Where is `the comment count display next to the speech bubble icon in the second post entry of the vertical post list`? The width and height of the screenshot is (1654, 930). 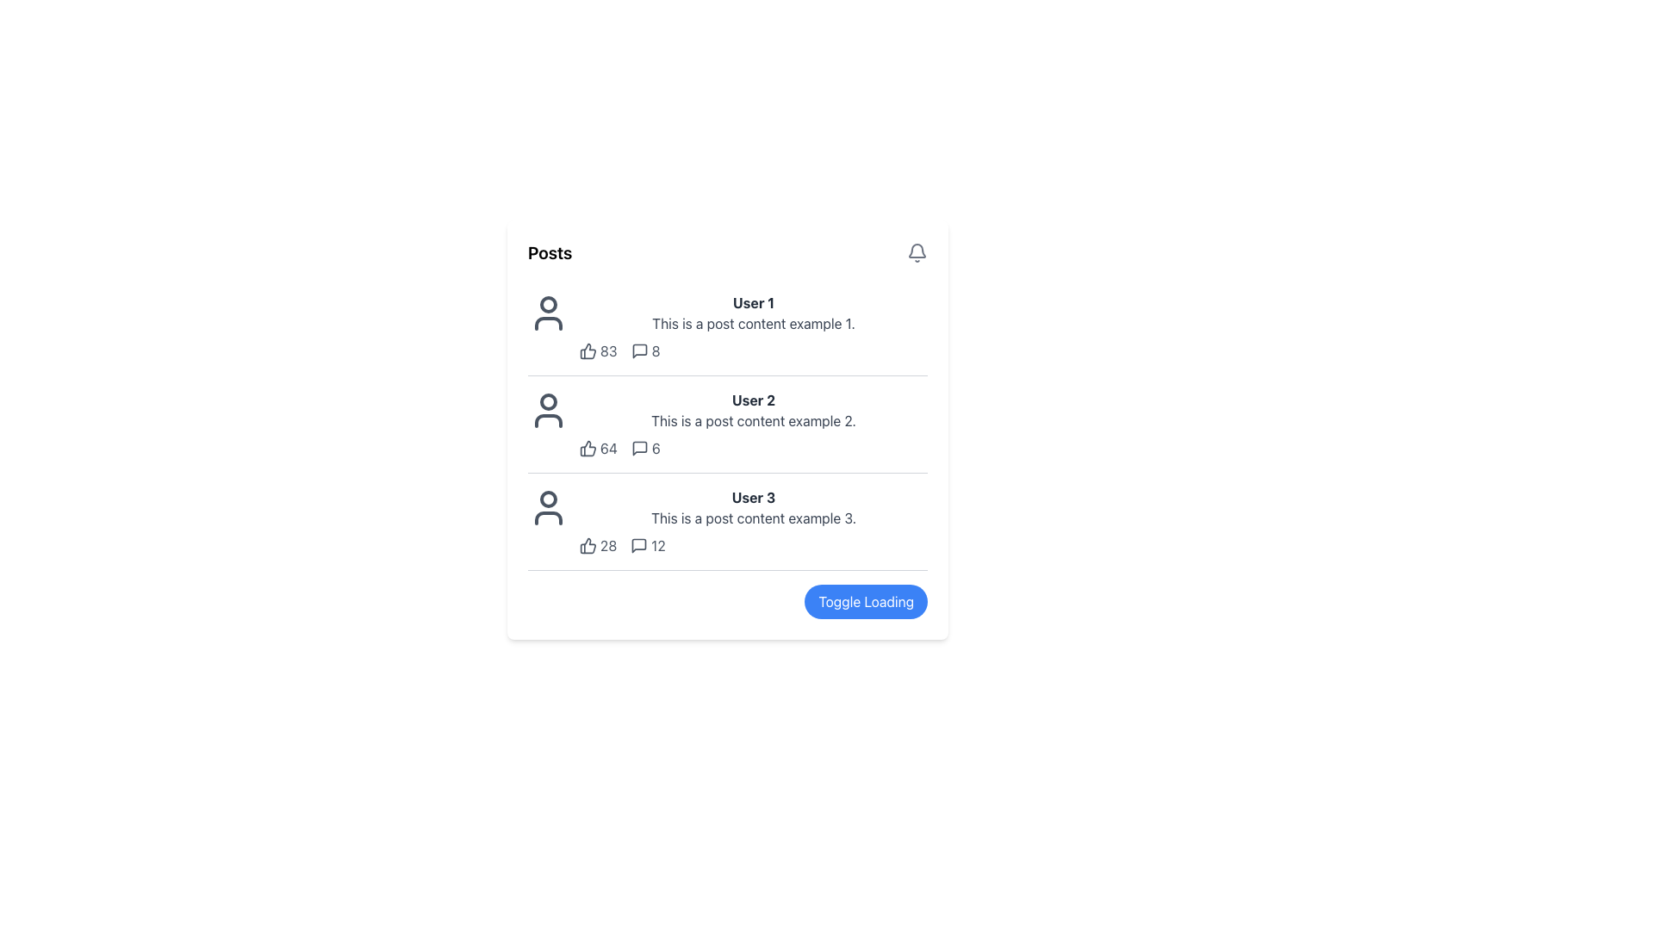
the comment count display next to the speech bubble icon in the second post entry of the vertical post list is located at coordinates (644, 447).